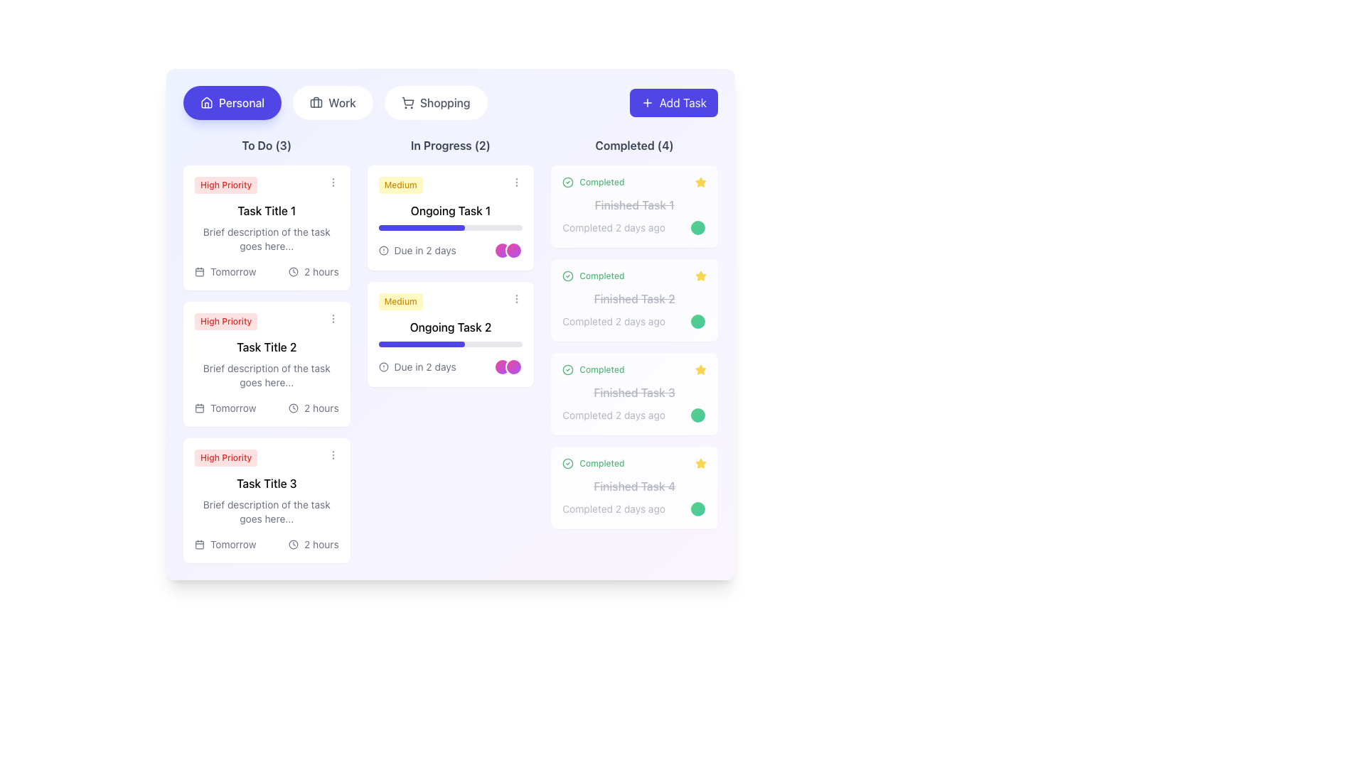 Image resolution: width=1365 pixels, height=767 pixels. I want to click on text from the time-related detail label located in the lower-right section of the 'Task Title 3' card in the 'To Do' column, positioned to the right of the SVG clock icon, so click(321, 544).